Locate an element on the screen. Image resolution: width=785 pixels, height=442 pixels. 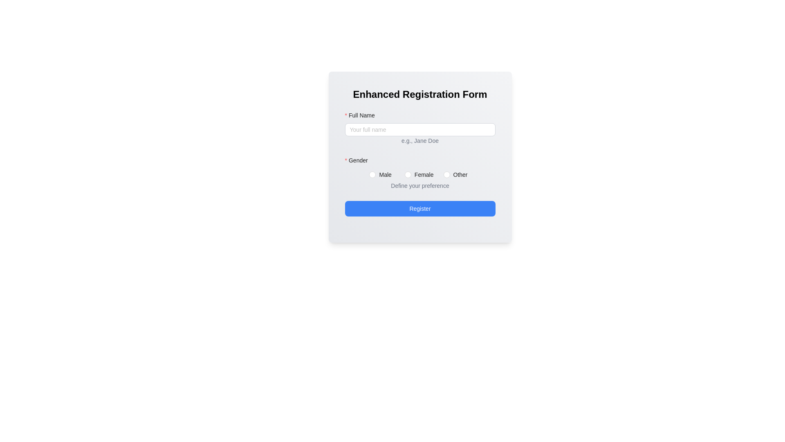
the radio button group labeled 'Gender' is located at coordinates (420, 179).